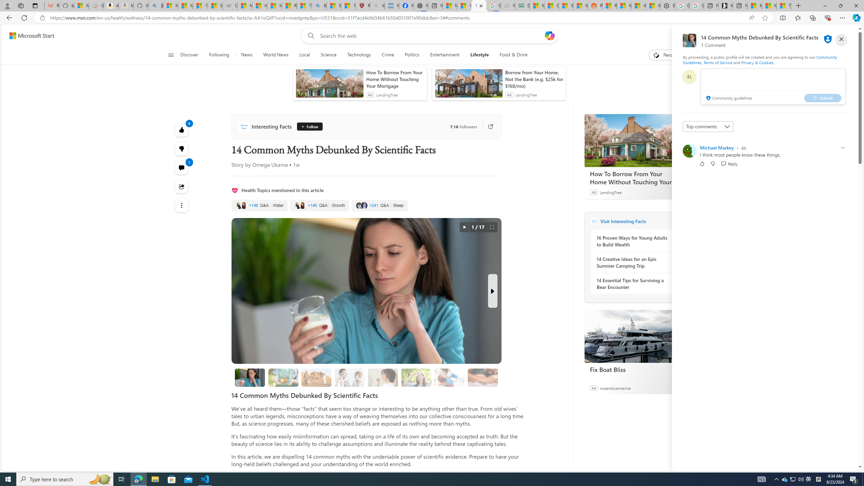  What do you see at coordinates (609, 5) in the screenshot?
I see `'R******* | Trusted Community Engagement and Contributions'` at bounding box center [609, 5].